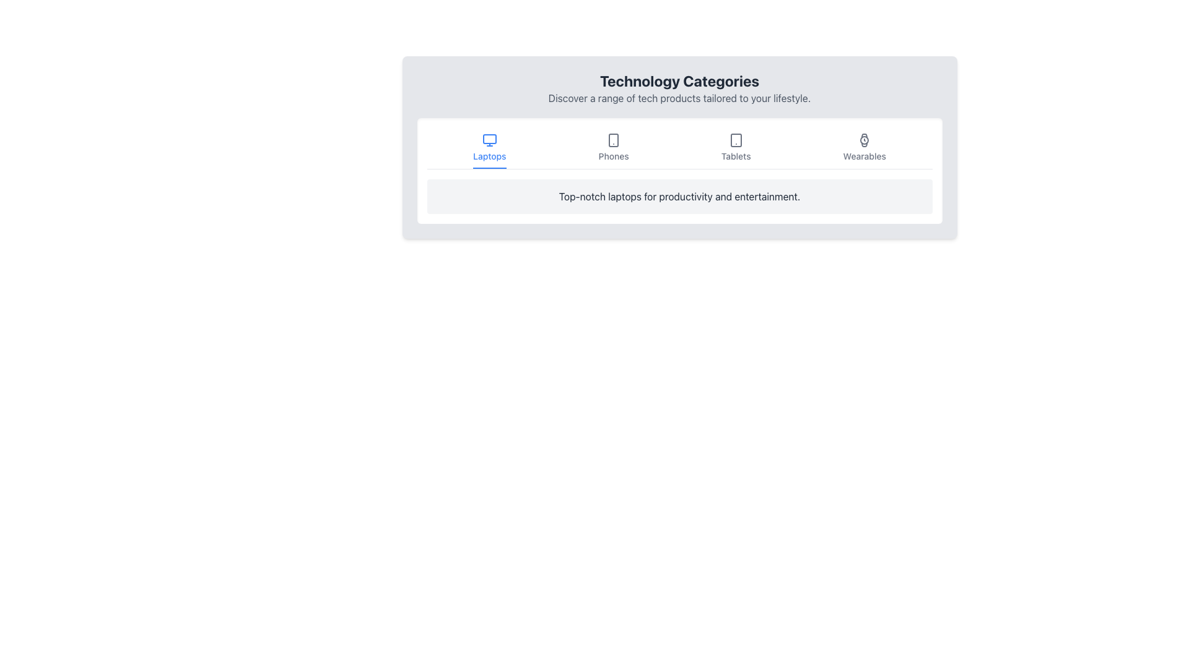 Image resolution: width=1189 pixels, height=668 pixels. I want to click on informational text about the benefits and target use cases of the laptops, which is located within the gray card directly below the 'Laptops' tab, so click(679, 195).